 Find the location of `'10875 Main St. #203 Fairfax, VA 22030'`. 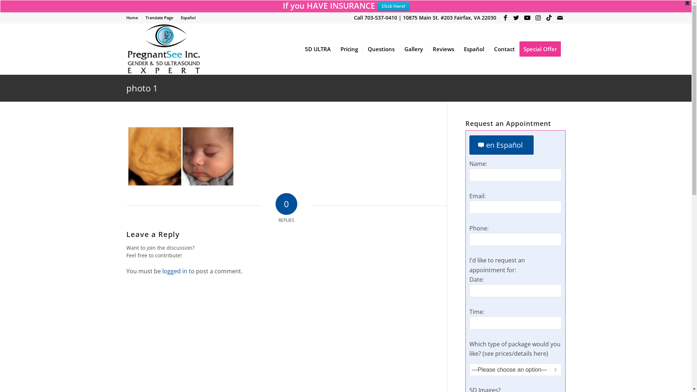

'10875 Main St. #203 Fairfax, VA 22030' is located at coordinates (449, 17).